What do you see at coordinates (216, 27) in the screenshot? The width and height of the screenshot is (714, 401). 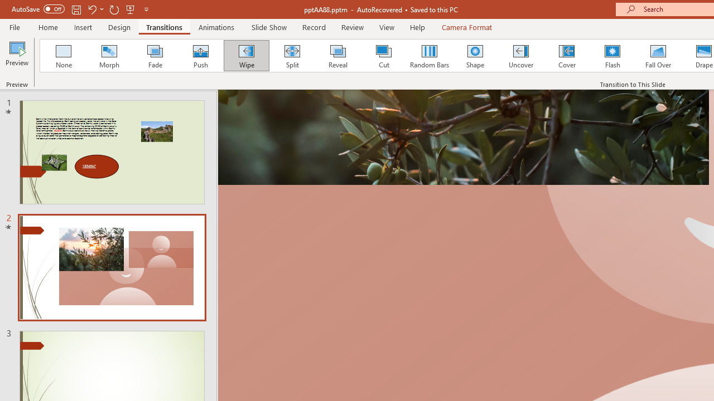 I see `'Animations'` at bounding box center [216, 27].